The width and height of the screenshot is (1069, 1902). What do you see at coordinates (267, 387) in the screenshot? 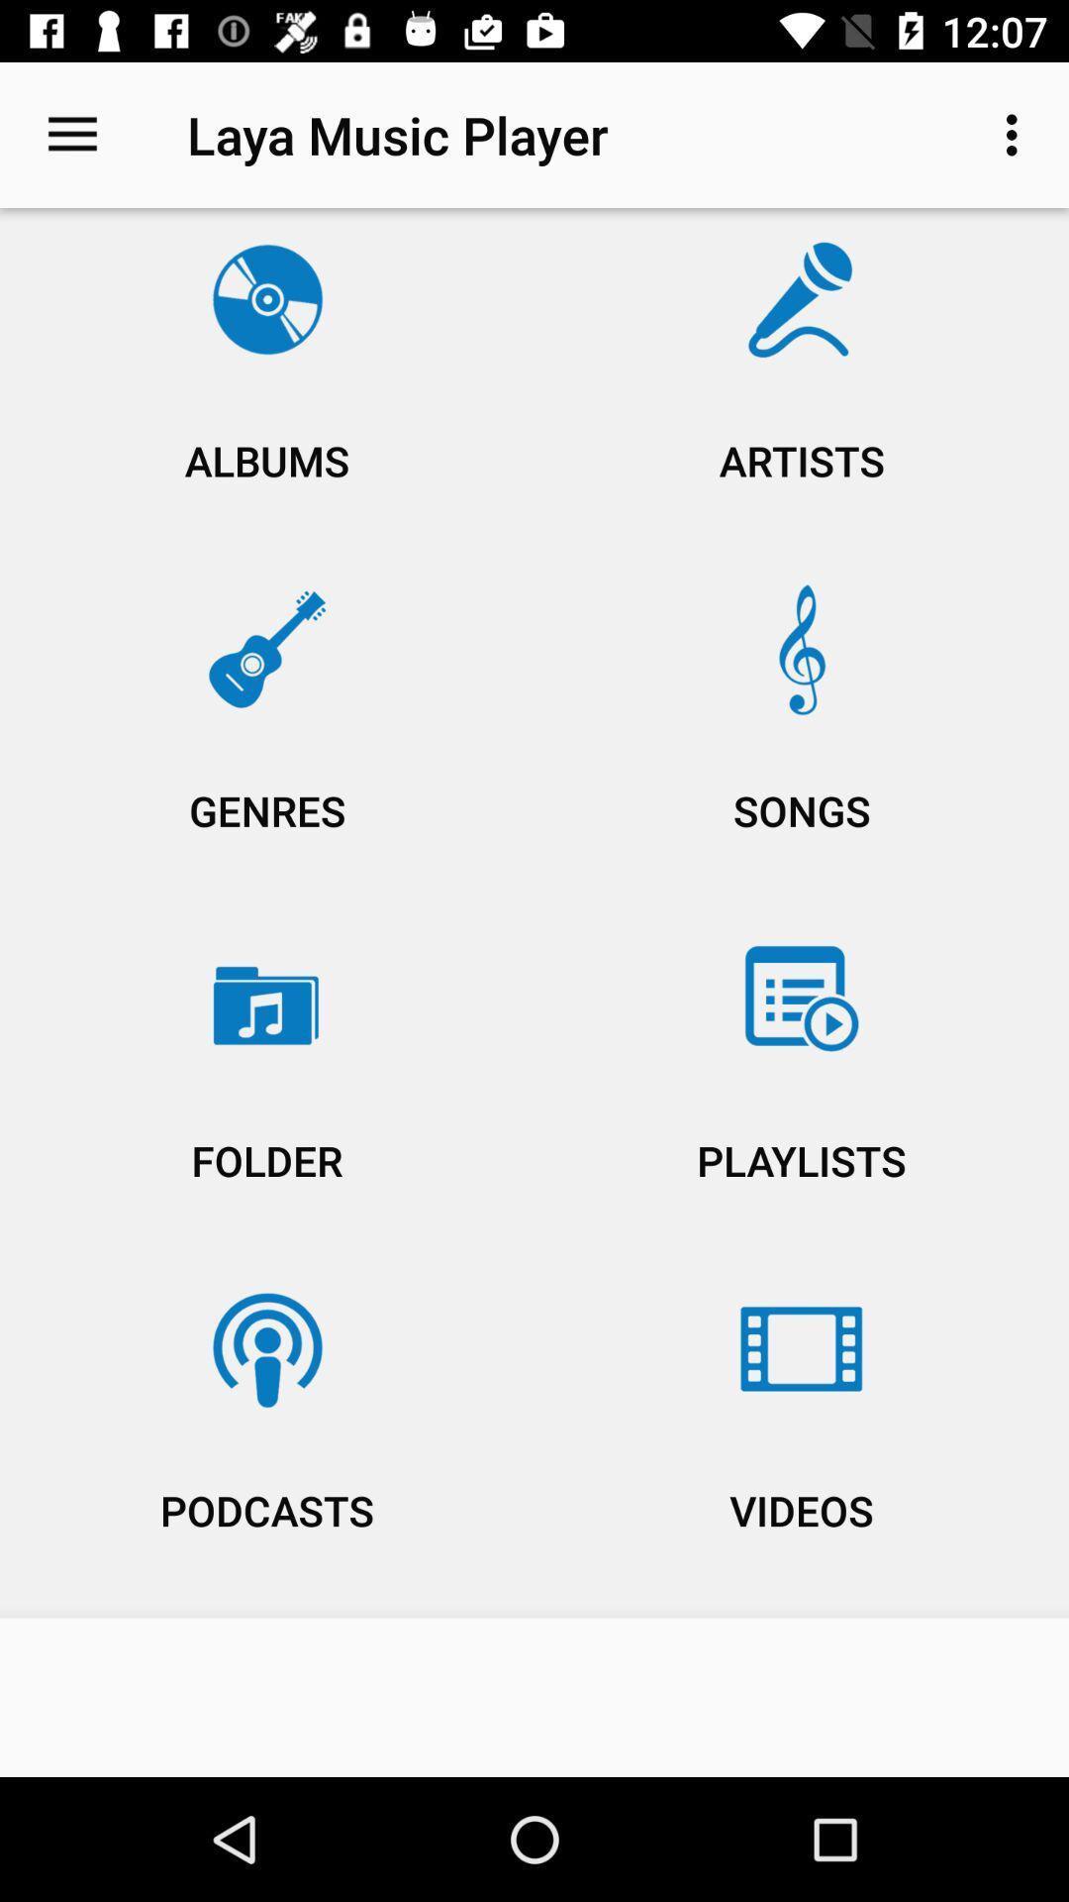
I see `the item next to artists icon` at bounding box center [267, 387].